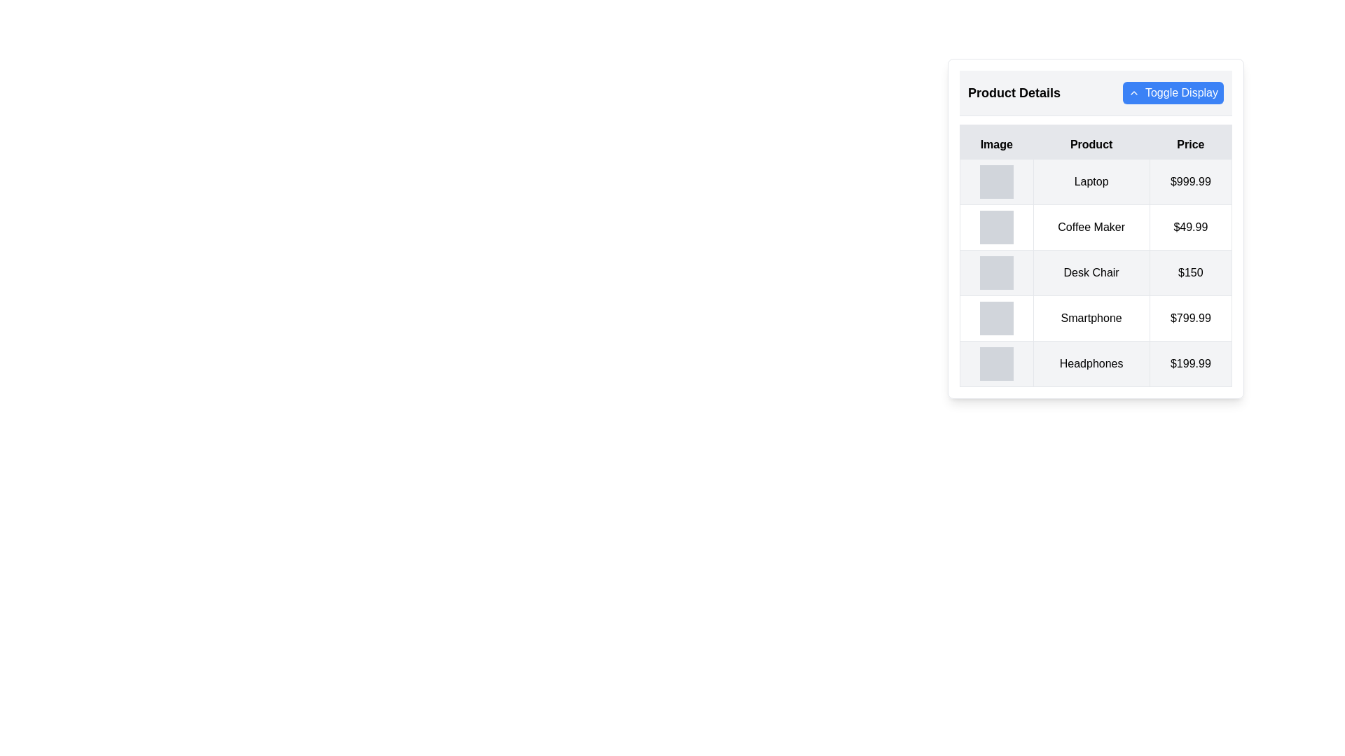 This screenshot has width=1345, height=756. I want to click on the fourth row in the product table that provides detailed information about a specific product, including its name and price, so click(1095, 318).